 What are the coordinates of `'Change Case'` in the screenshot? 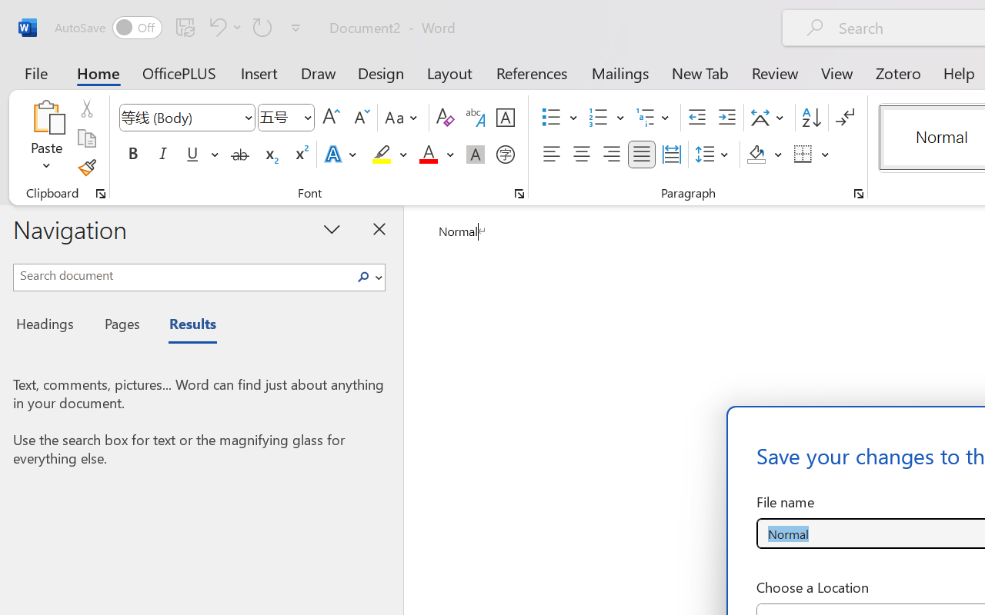 It's located at (403, 118).